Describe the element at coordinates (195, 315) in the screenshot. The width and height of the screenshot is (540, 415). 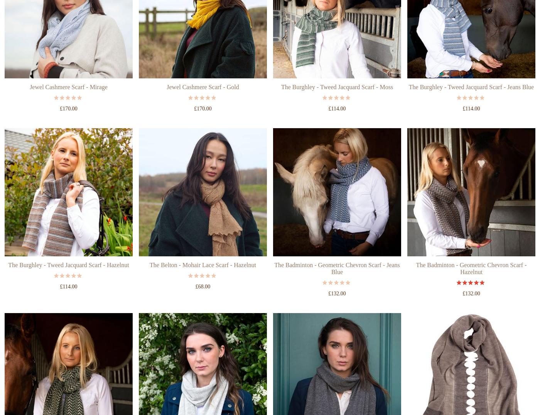
I see `'£68.00'` at that location.